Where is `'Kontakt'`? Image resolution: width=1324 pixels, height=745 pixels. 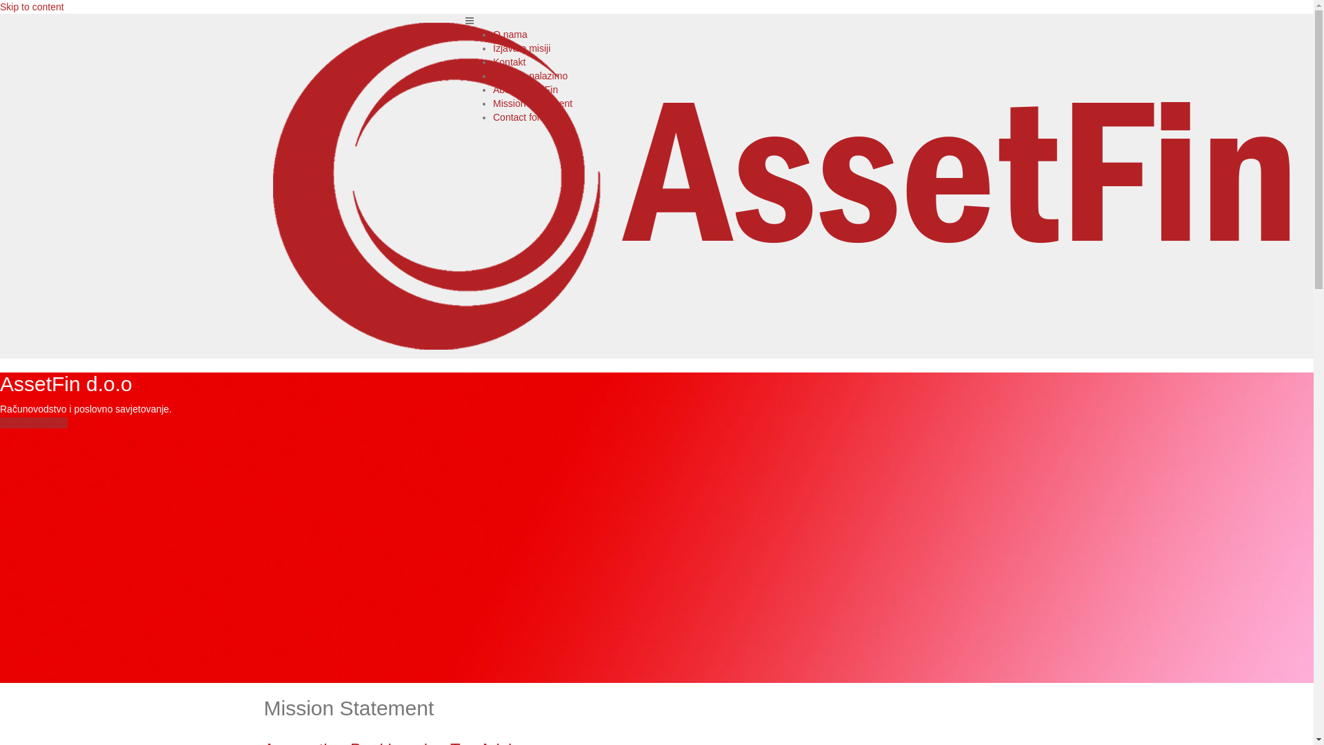 'Kontakt' is located at coordinates (508, 61).